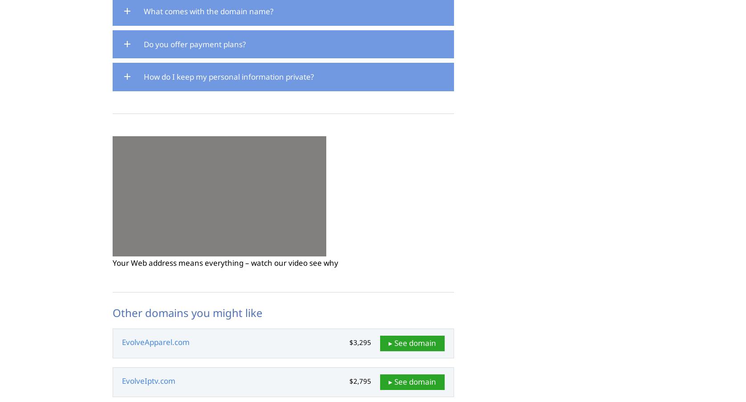 The width and height of the screenshot is (746, 402). Describe the element at coordinates (155, 342) in the screenshot. I see `'EvolveApparel.com'` at that location.